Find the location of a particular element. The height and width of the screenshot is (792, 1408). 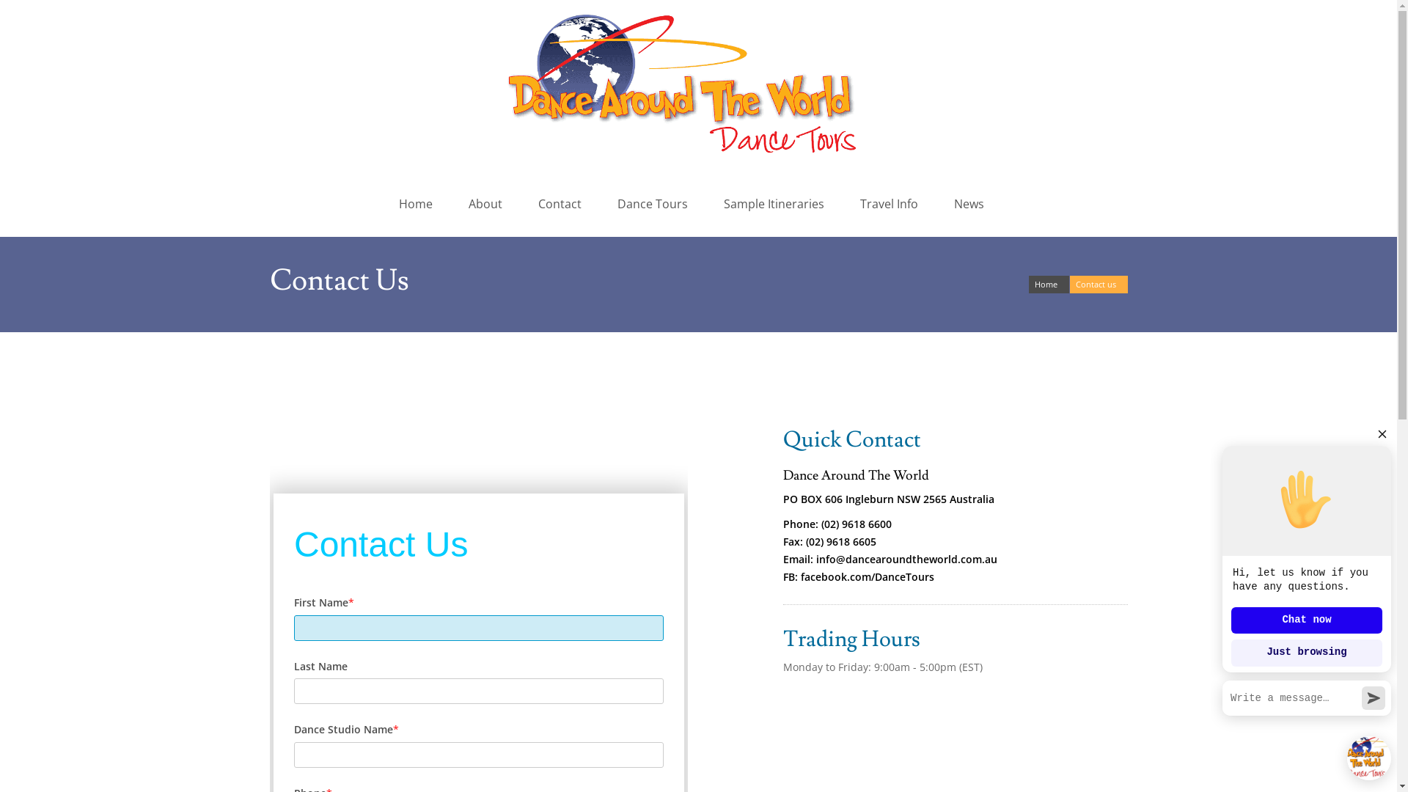

'Home' is located at coordinates (1047, 285).